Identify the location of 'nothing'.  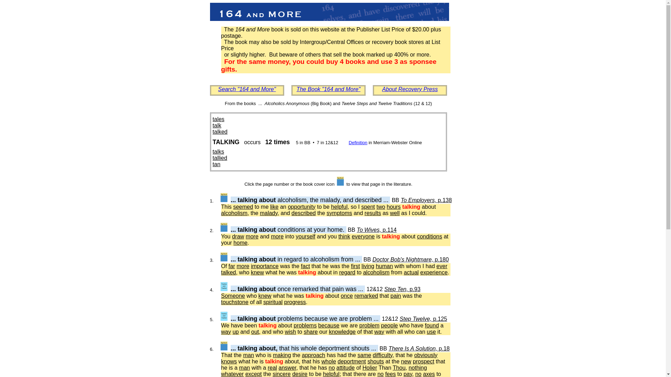
(409, 367).